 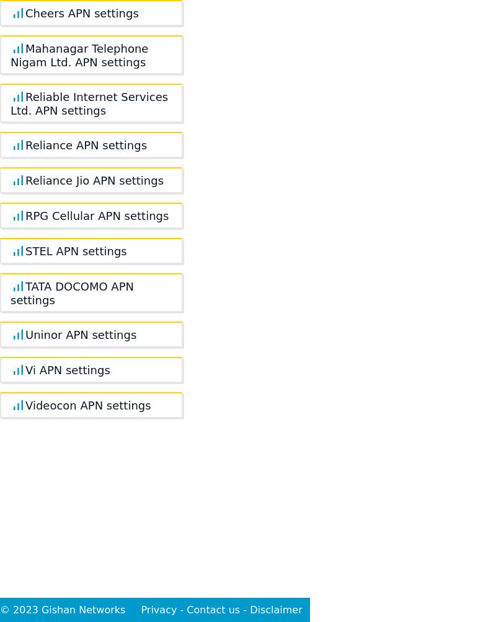 I want to click on 'Uninor APN settings', so click(x=80, y=335).